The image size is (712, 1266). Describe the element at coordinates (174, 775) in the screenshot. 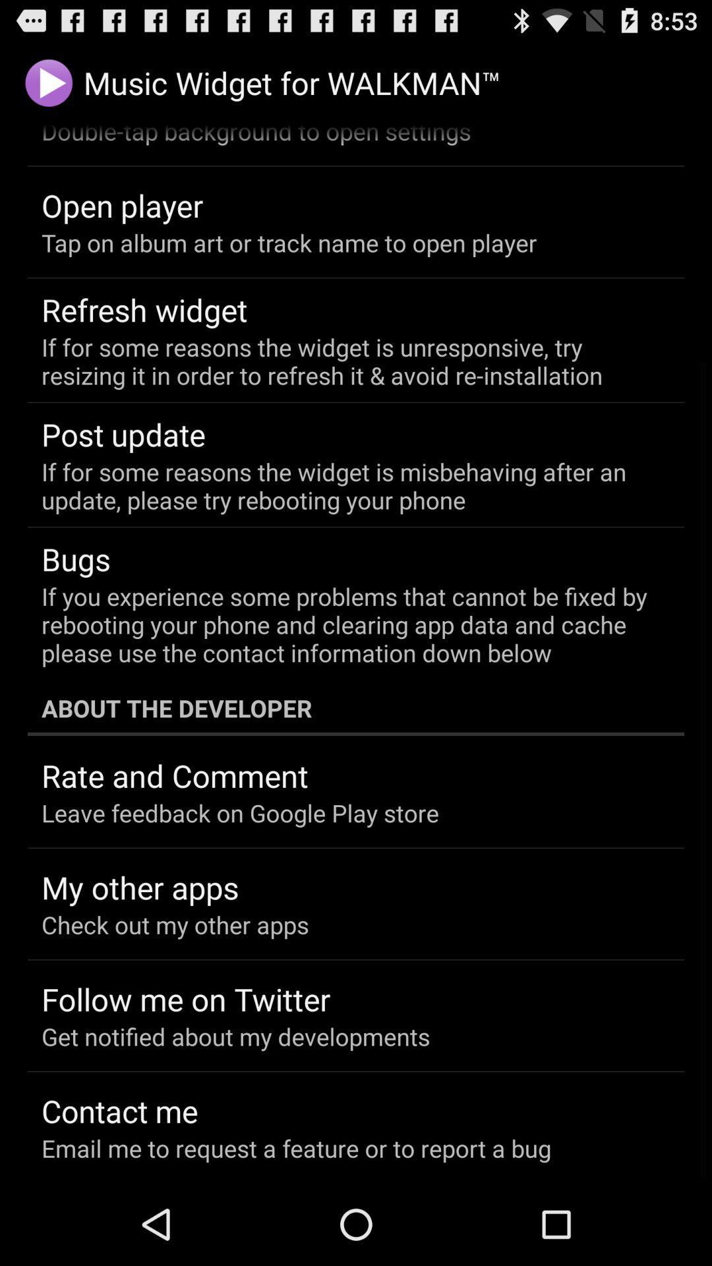

I see `item above the leave feedback on icon` at that location.